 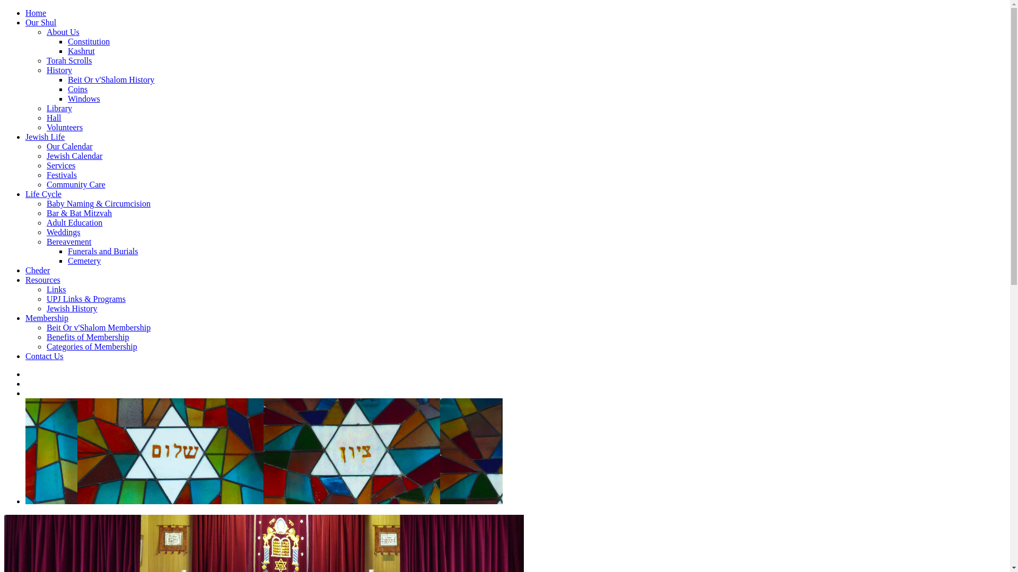 What do you see at coordinates (83, 99) in the screenshot?
I see `'Windows'` at bounding box center [83, 99].